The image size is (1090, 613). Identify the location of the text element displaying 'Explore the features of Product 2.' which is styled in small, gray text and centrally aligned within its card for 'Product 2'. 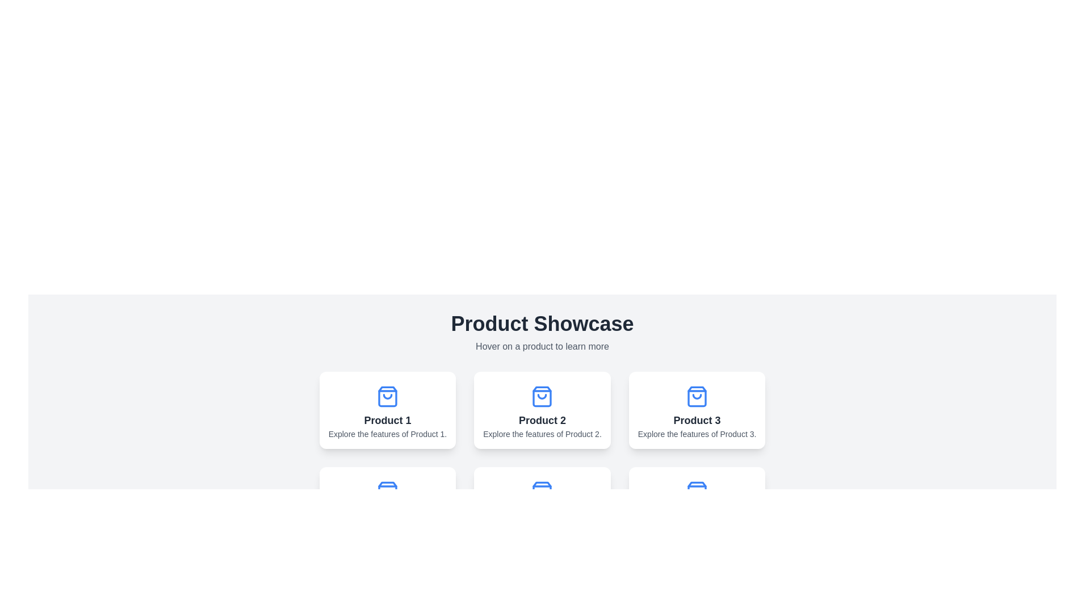
(542, 434).